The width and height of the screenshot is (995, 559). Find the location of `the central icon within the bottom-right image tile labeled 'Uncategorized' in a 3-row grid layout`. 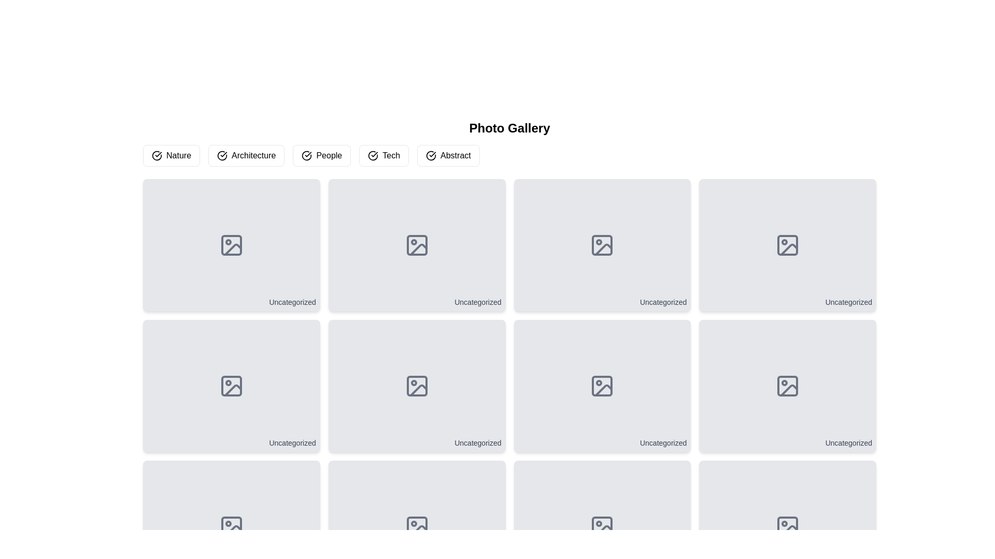

the central icon within the bottom-right image tile labeled 'Uncategorized' in a 3-row grid layout is located at coordinates (788, 527).